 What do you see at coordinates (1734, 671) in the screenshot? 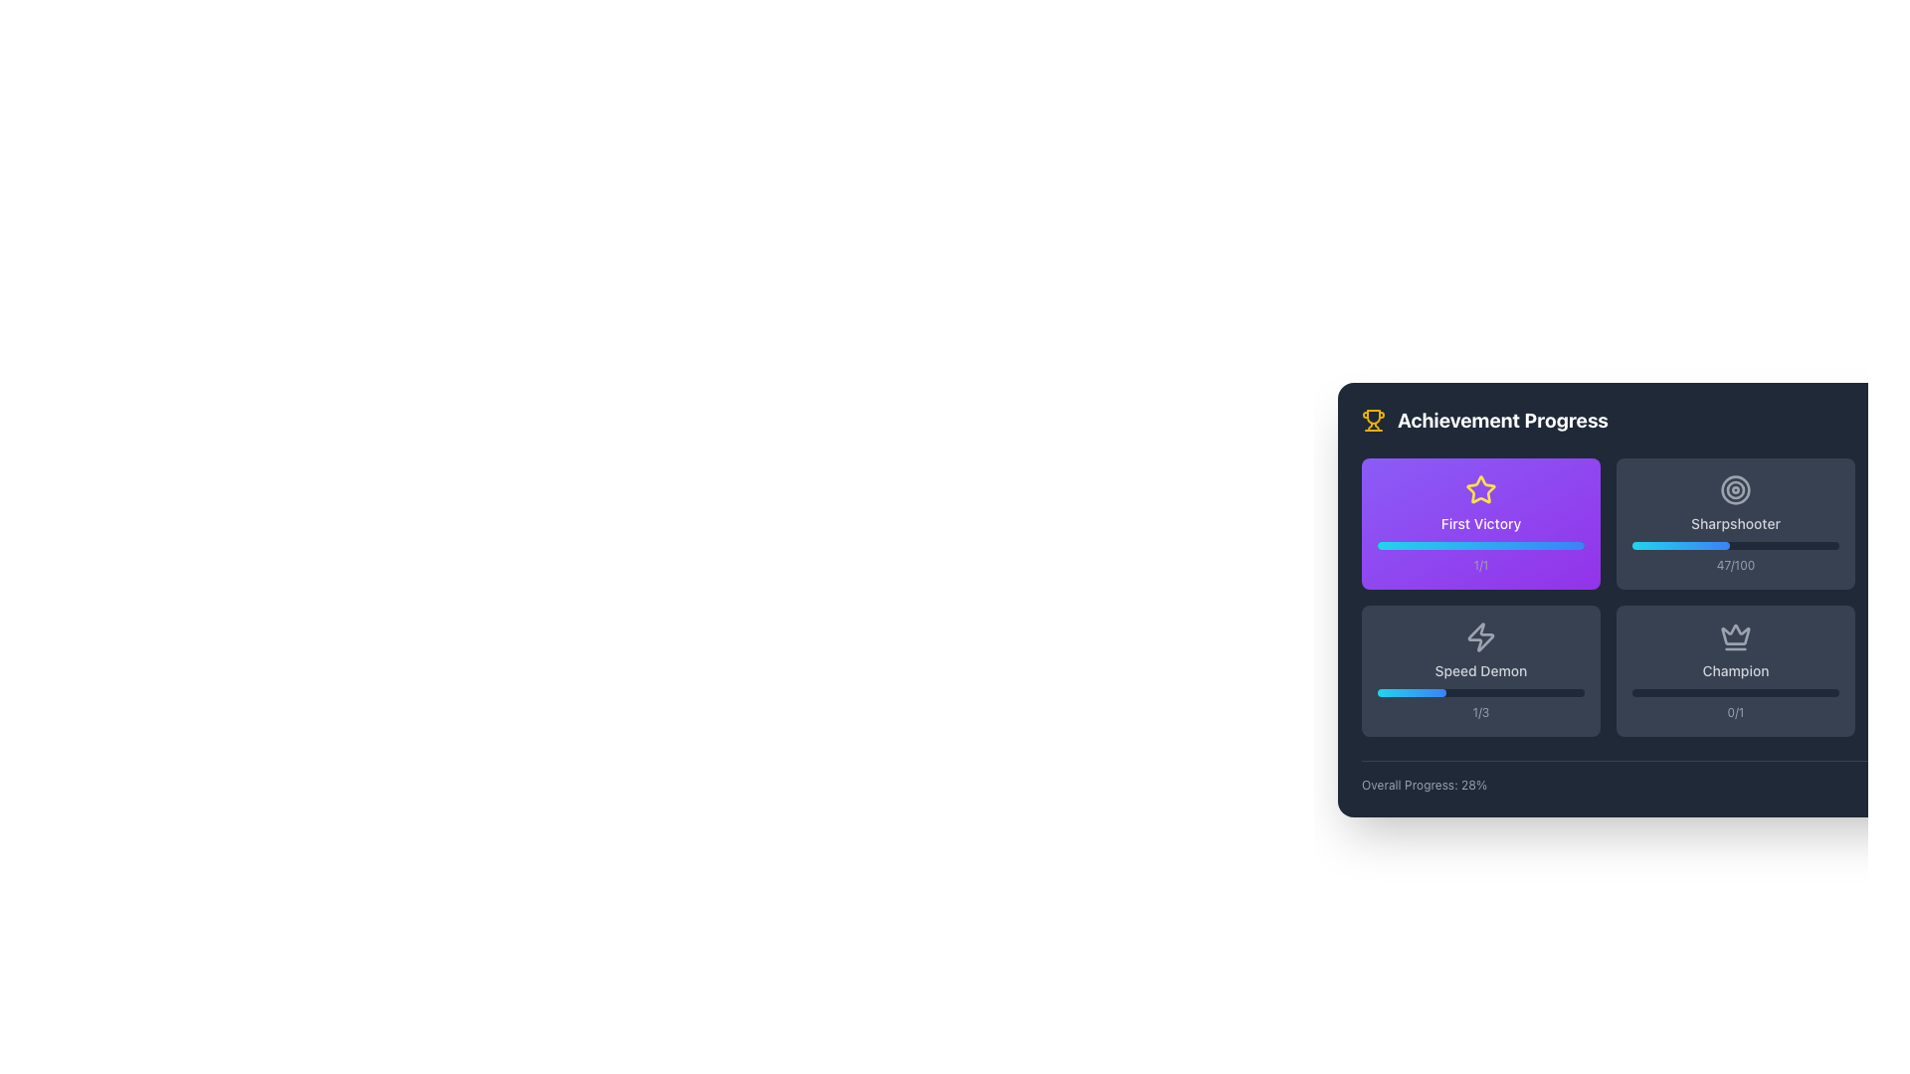
I see `the text label displaying the word 'Champion' located in the bottom-right progress card, which is styled in gray and positioned below a crown icon` at bounding box center [1734, 671].